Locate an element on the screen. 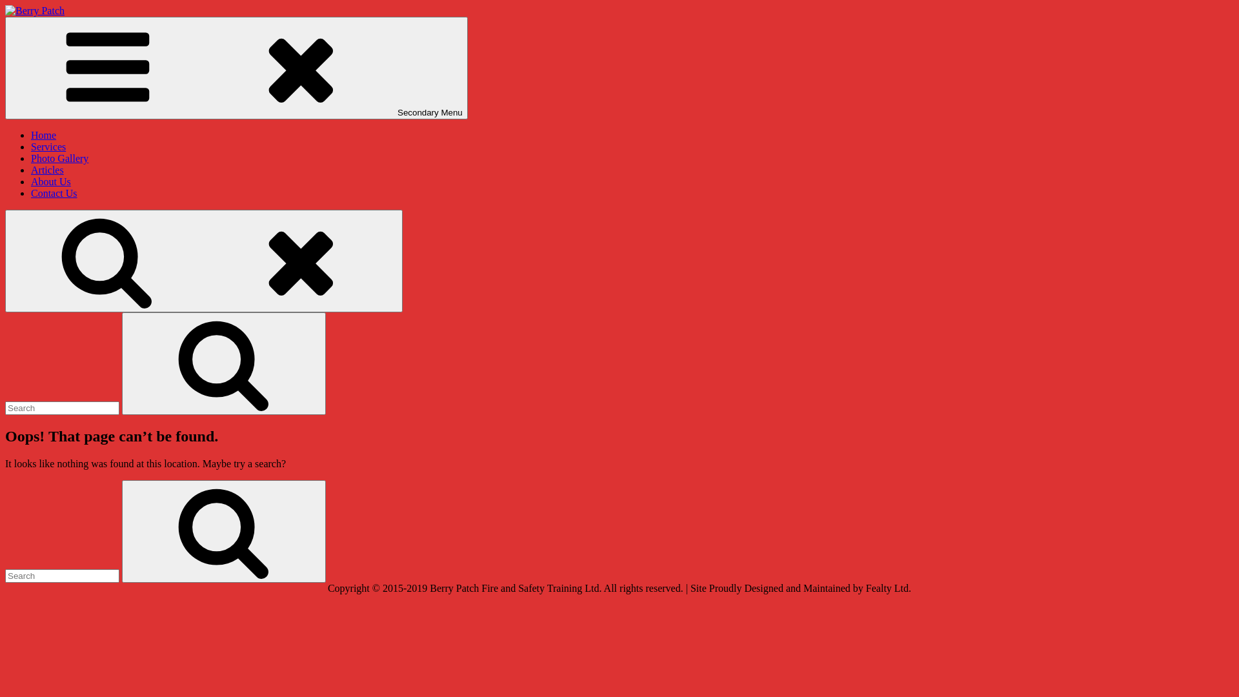 The width and height of the screenshot is (1239, 697). 'Services' is located at coordinates (31, 146).